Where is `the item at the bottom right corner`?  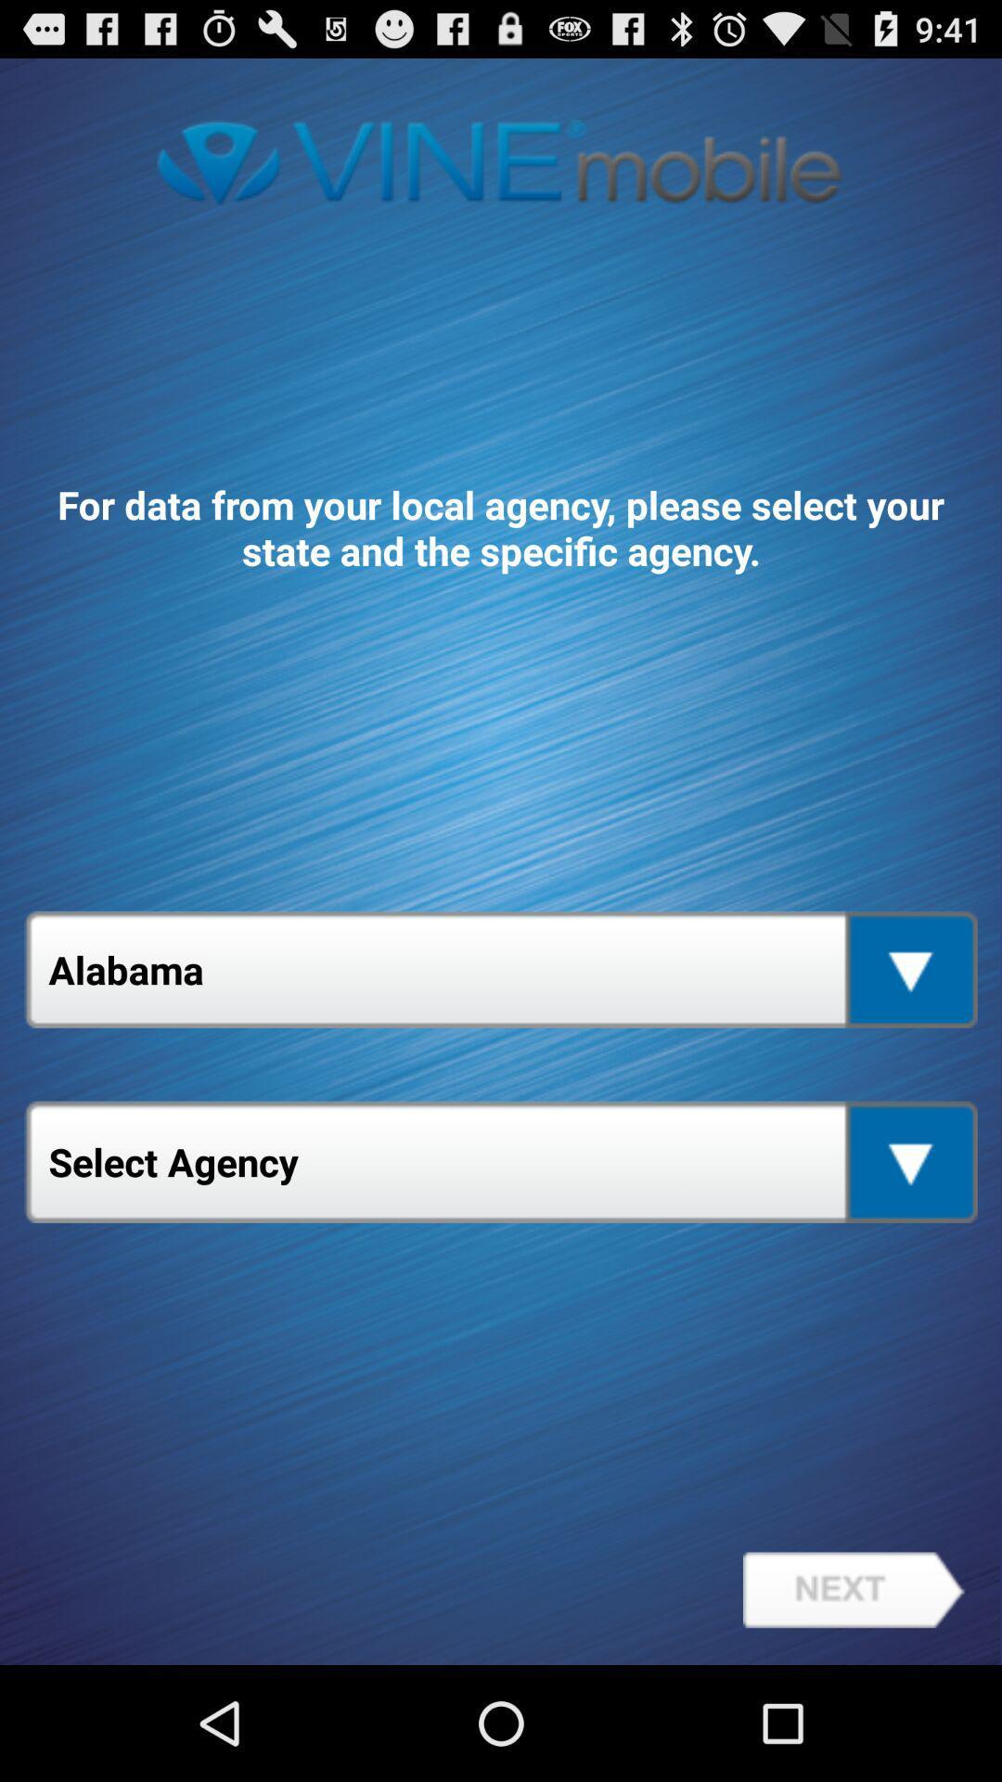
the item at the bottom right corner is located at coordinates (854, 1589).